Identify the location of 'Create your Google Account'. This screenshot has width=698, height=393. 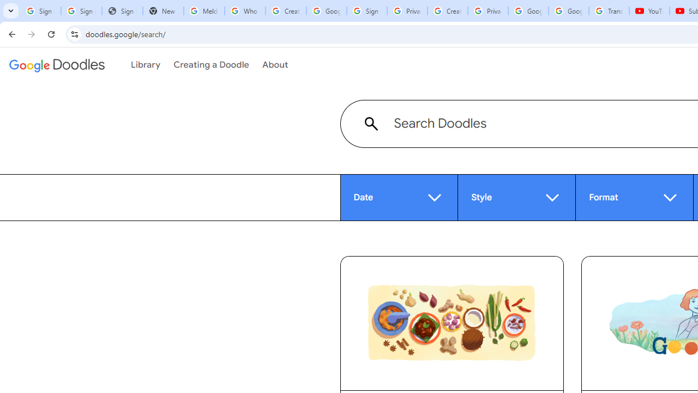
(447, 11).